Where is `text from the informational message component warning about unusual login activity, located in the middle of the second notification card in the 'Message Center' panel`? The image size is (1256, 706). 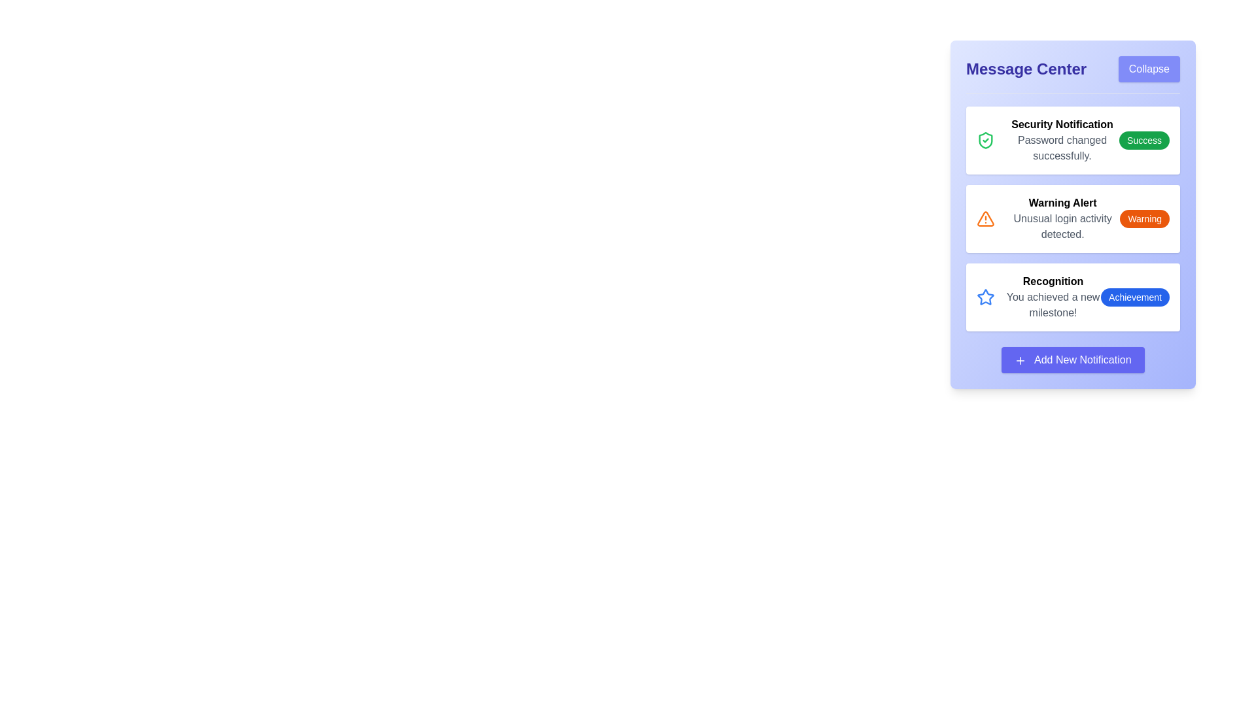 text from the informational message component warning about unusual login activity, located in the middle of the second notification card in the 'Message Center' panel is located at coordinates (1062, 218).